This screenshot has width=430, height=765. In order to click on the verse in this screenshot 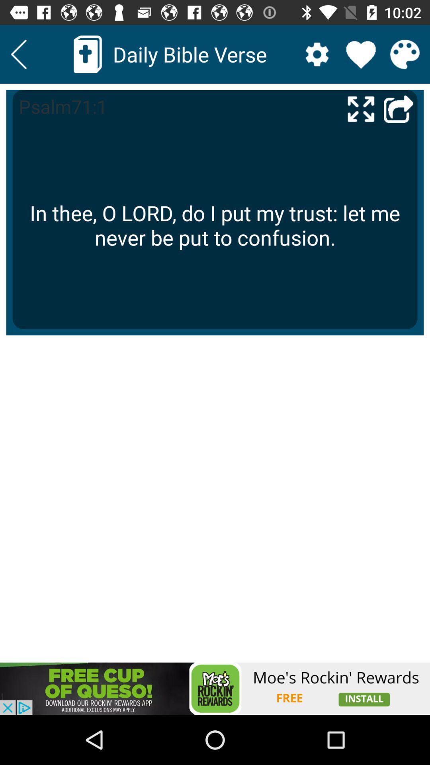, I will do `click(361, 54)`.